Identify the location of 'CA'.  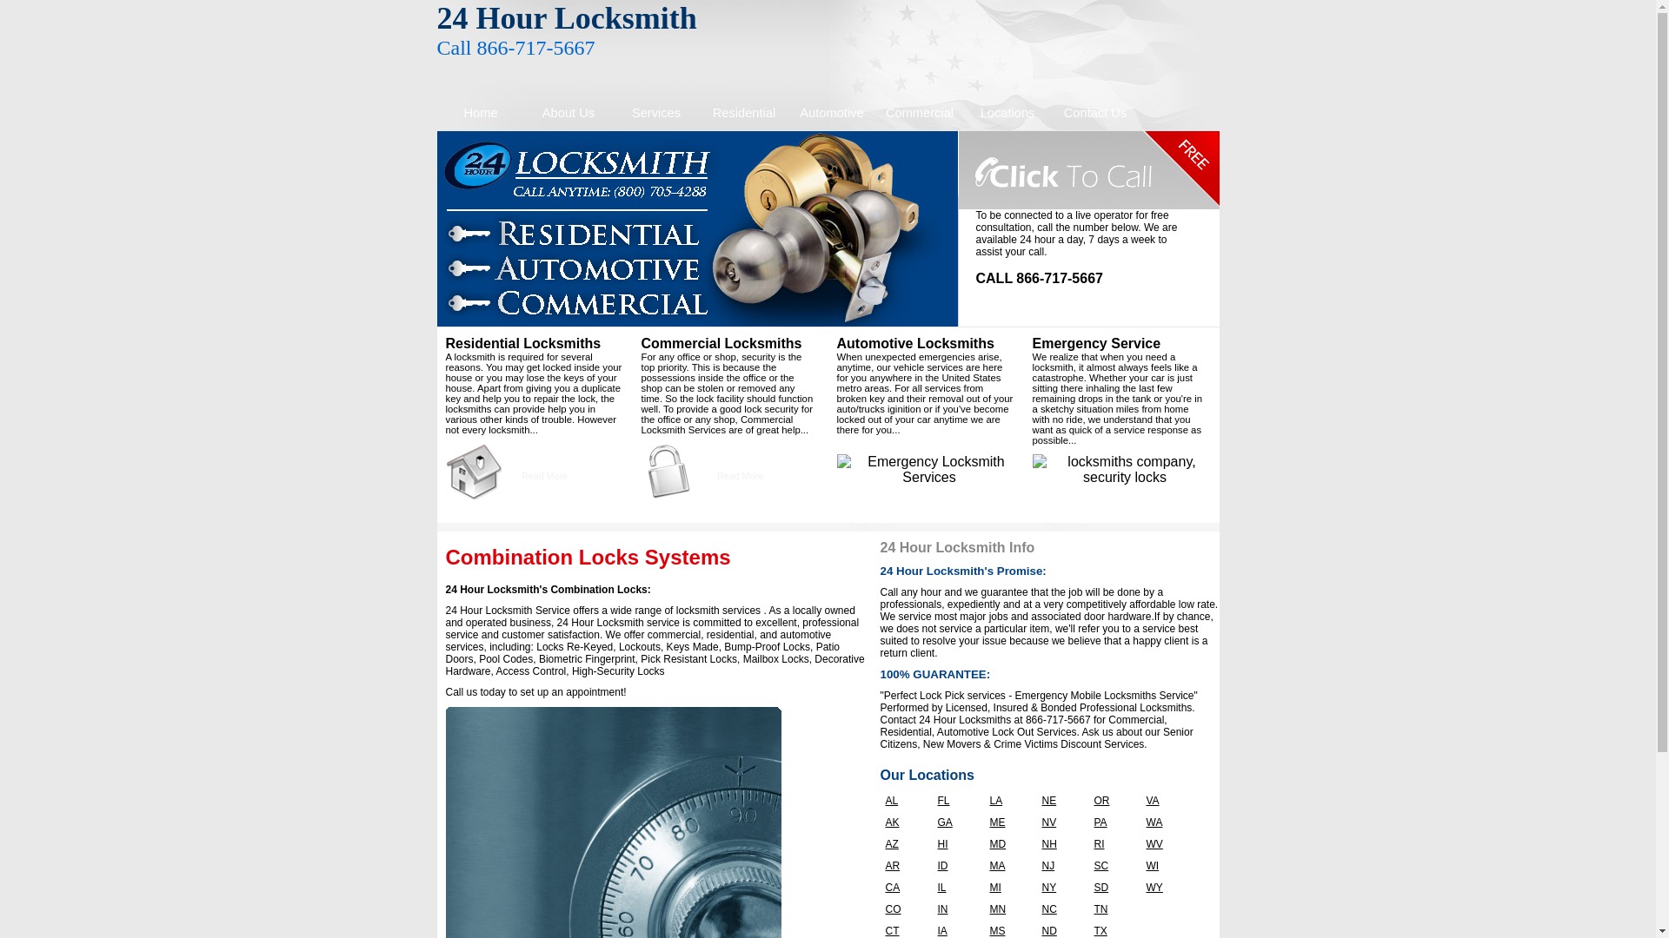
(903, 888).